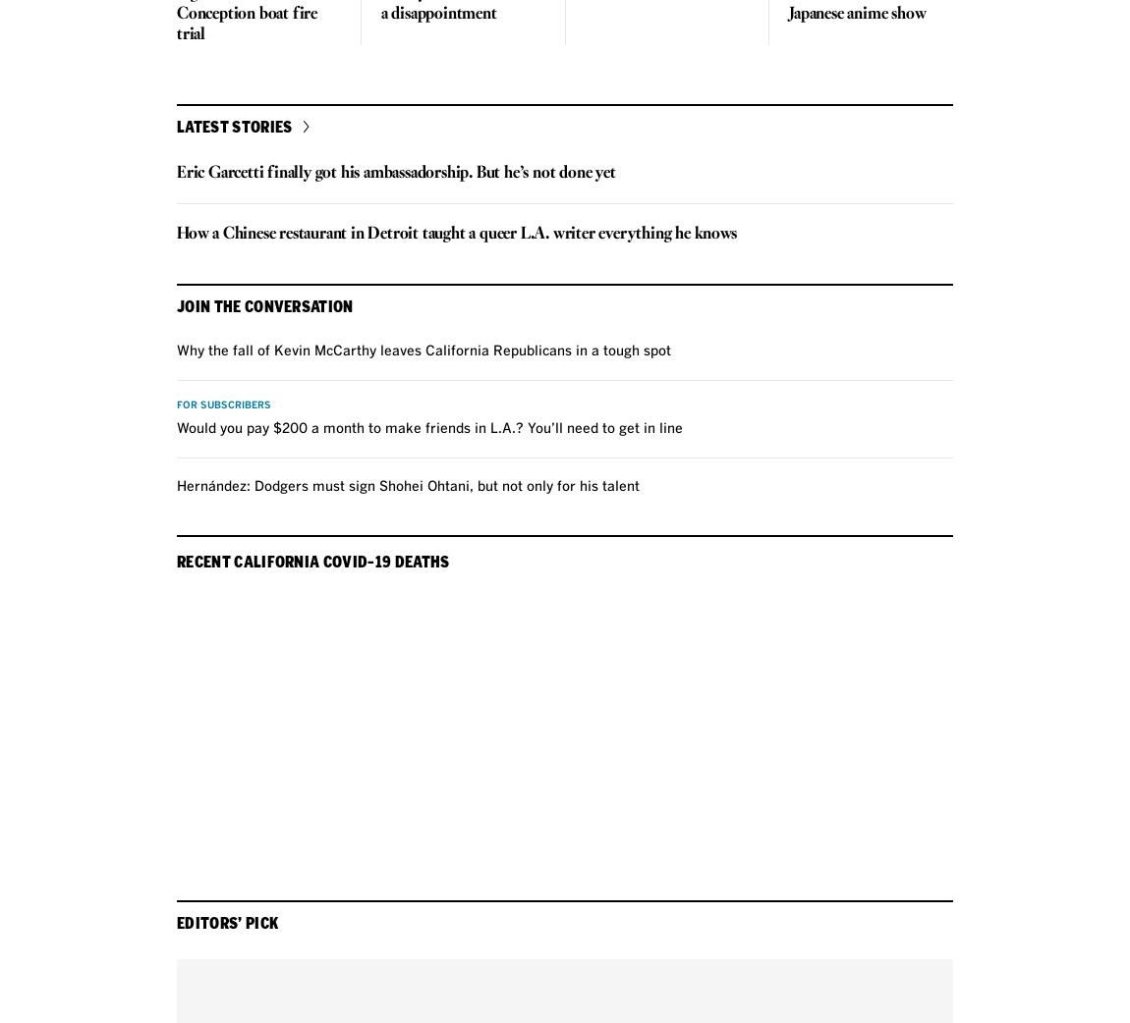  I want to click on 'Editors’ Pick', so click(226, 921).